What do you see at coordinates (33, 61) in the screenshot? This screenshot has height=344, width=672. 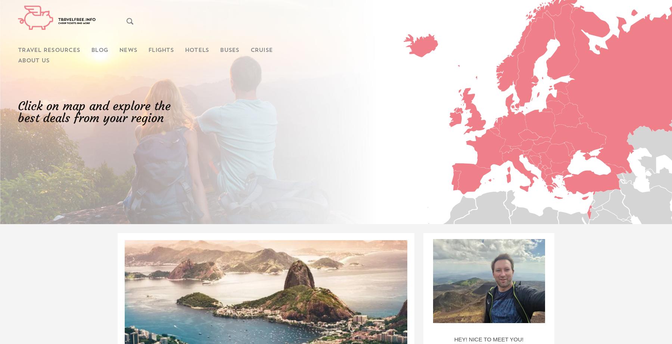 I see `'About us'` at bounding box center [33, 61].